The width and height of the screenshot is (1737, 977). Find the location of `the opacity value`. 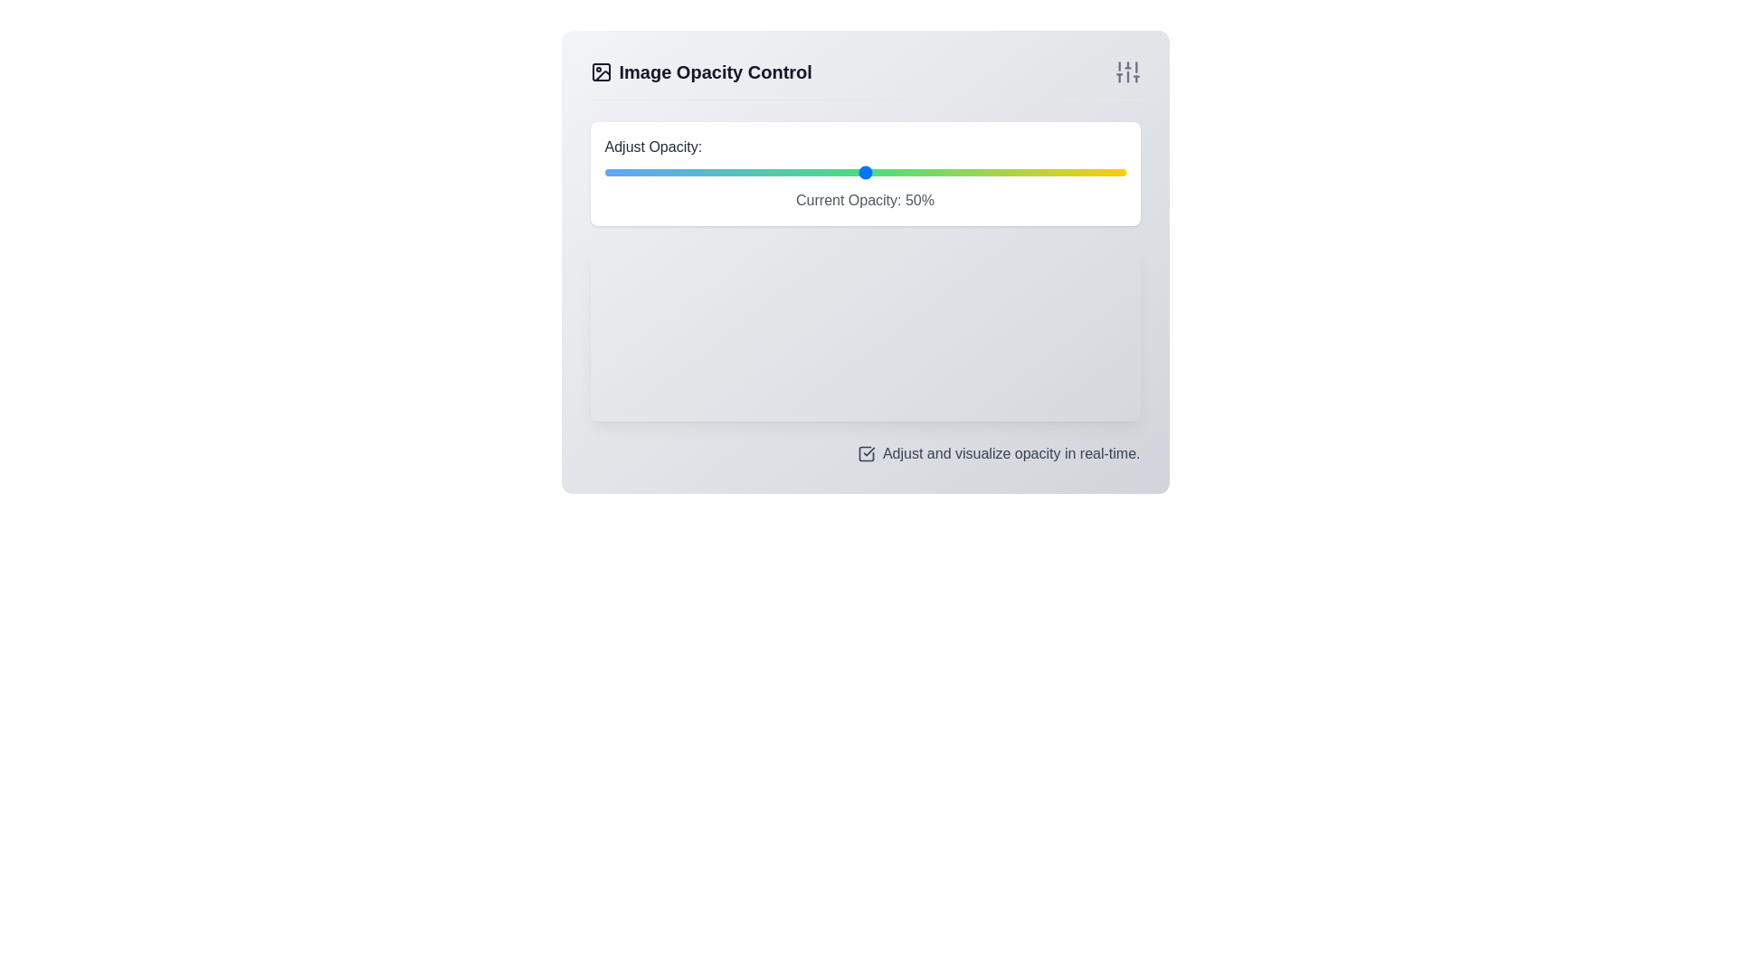

the opacity value is located at coordinates (1115, 173).